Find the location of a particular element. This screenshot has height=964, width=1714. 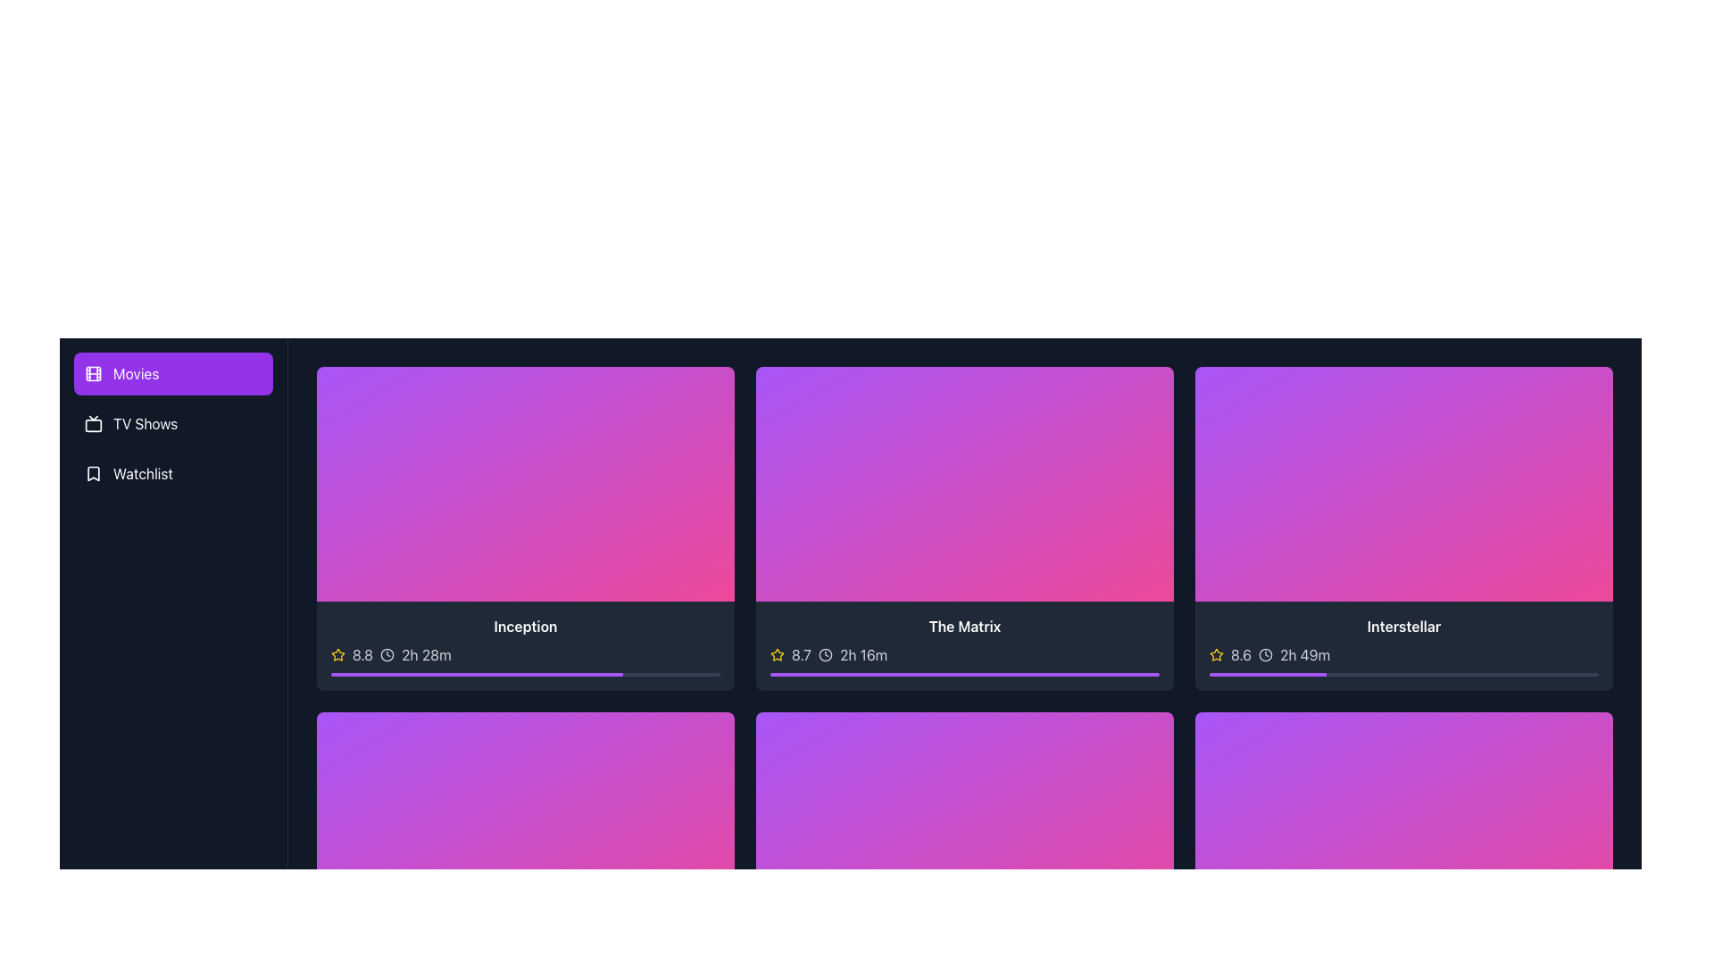

the rating icon located at the bottom of the 'Interstellar' movie tile, positioned to the left of the numerical rating '8.6' is located at coordinates (1216, 654).